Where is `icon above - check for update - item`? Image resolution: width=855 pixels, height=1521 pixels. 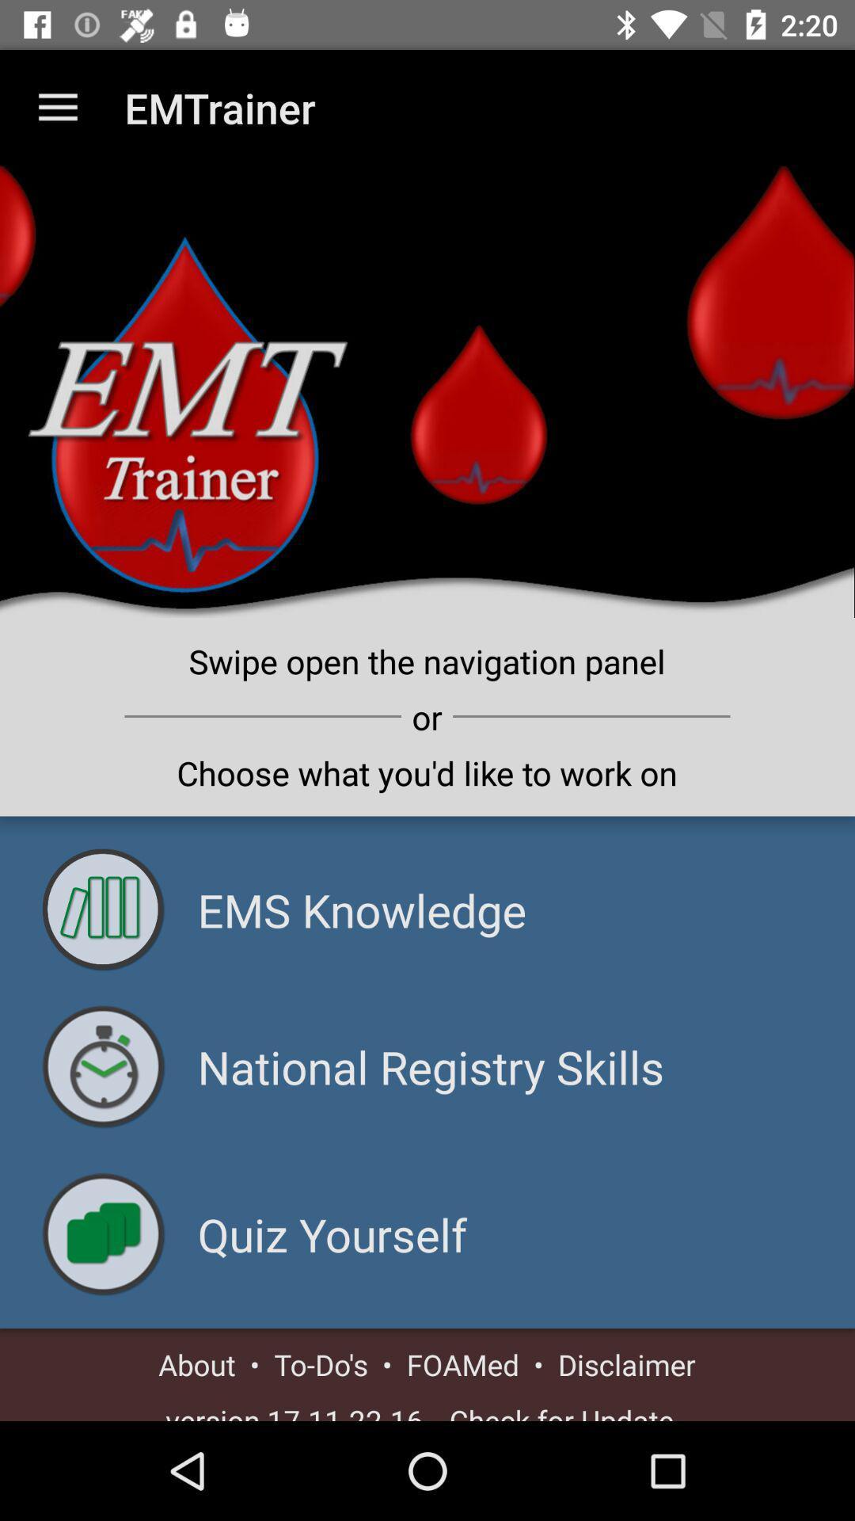
icon above - check for update - item is located at coordinates (625, 1363).